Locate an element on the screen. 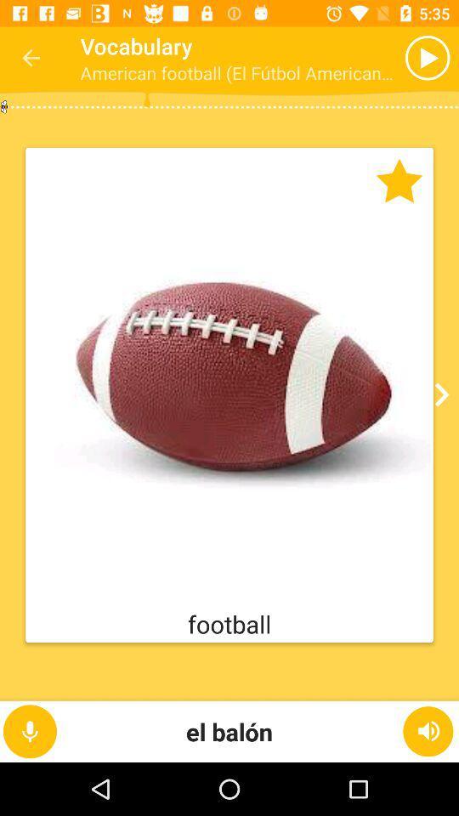  the play icon is located at coordinates (394, 58).